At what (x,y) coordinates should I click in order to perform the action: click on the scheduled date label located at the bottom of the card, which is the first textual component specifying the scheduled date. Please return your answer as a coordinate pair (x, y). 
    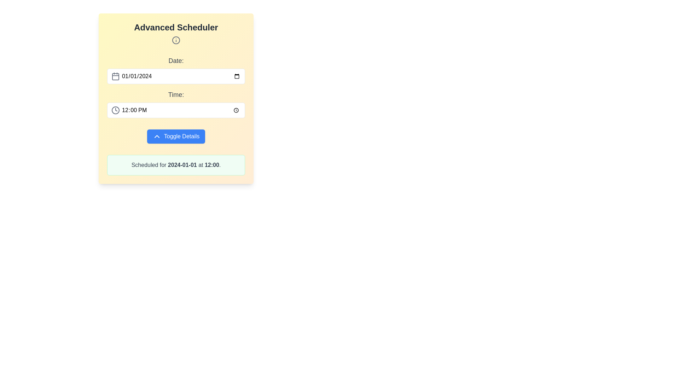
    Looking at the image, I should click on (182, 165).